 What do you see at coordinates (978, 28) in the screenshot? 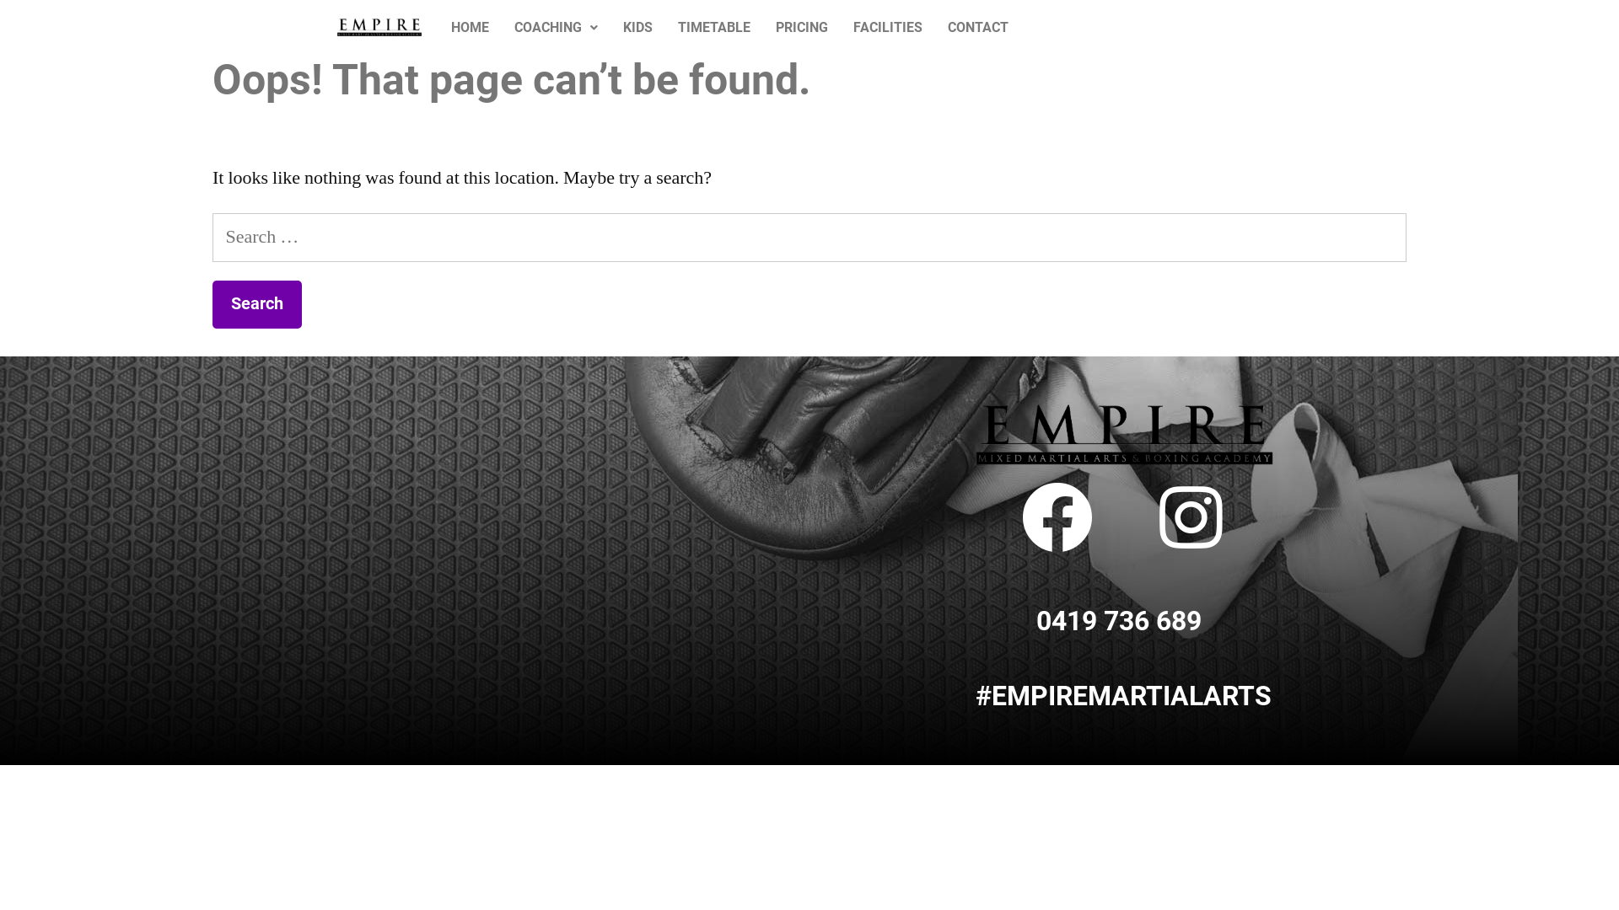
I see `'CONTACT'` at bounding box center [978, 28].